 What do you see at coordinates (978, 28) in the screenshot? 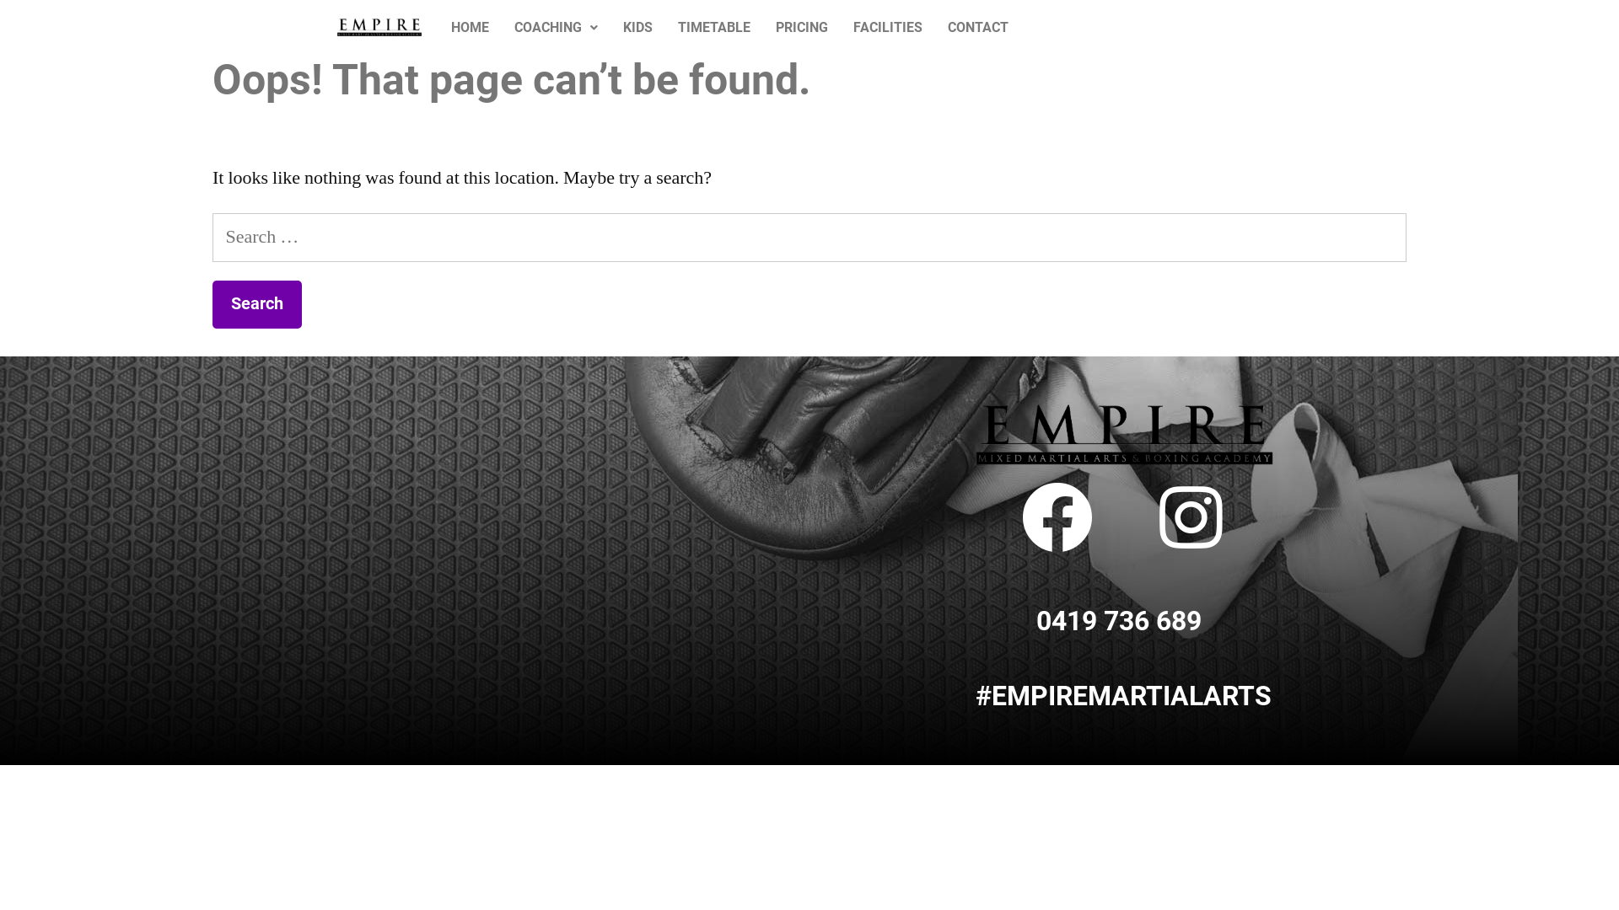
I see `'CONTACT'` at bounding box center [978, 28].